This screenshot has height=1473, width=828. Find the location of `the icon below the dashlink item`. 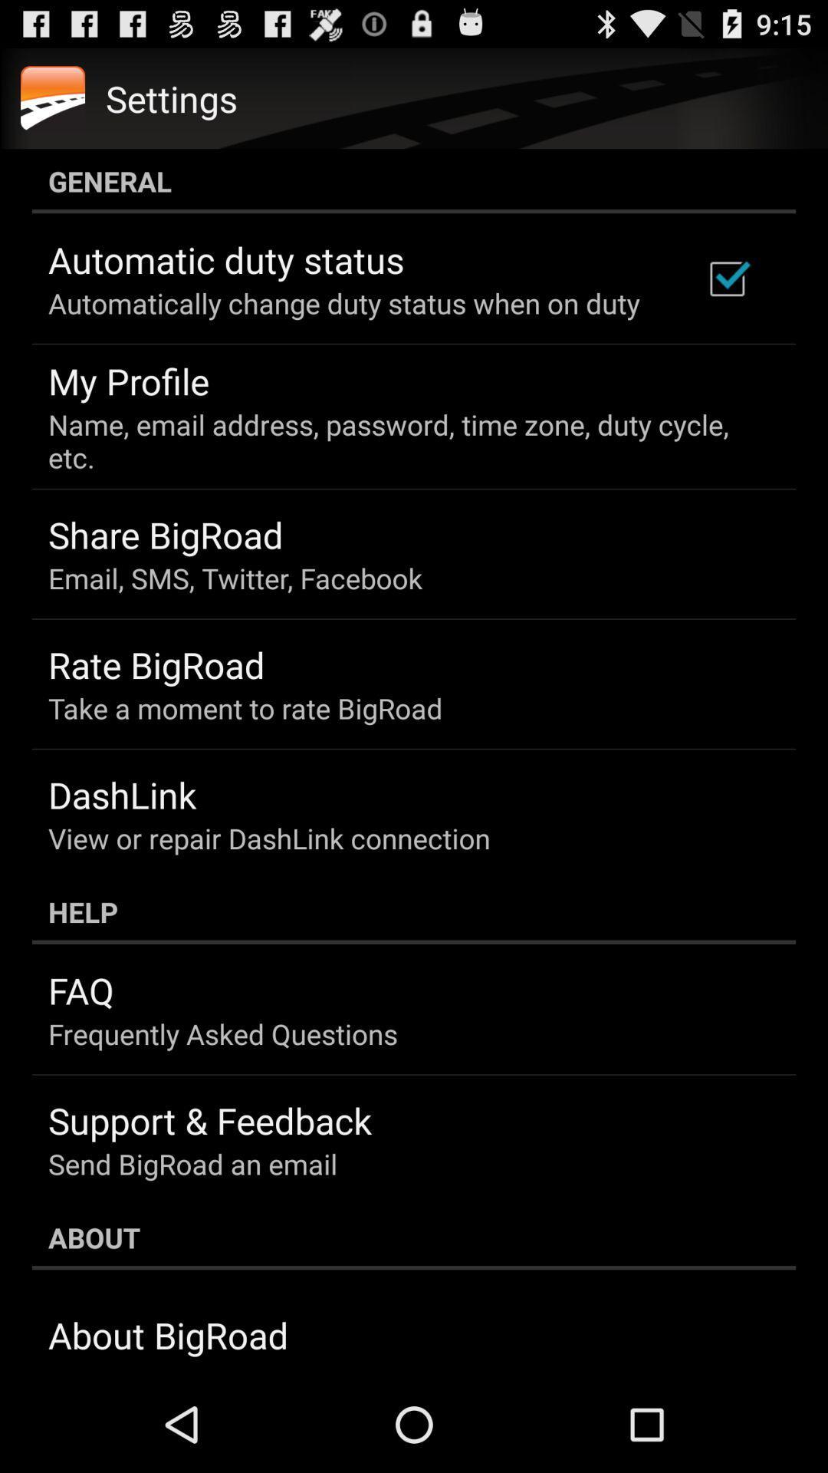

the icon below the dashlink item is located at coordinates (268, 837).